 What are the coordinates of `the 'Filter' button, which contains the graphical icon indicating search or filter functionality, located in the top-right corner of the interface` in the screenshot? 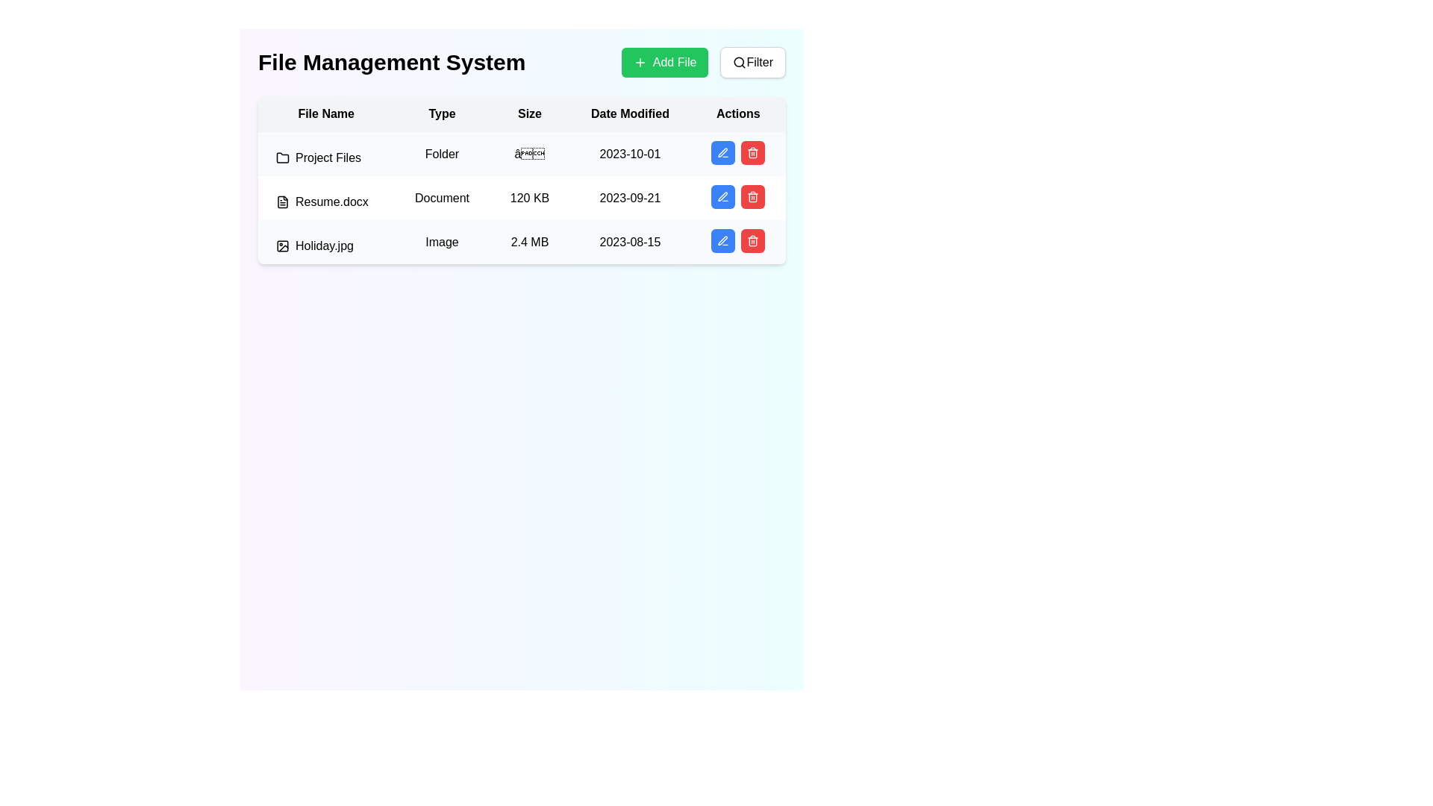 It's located at (740, 62).